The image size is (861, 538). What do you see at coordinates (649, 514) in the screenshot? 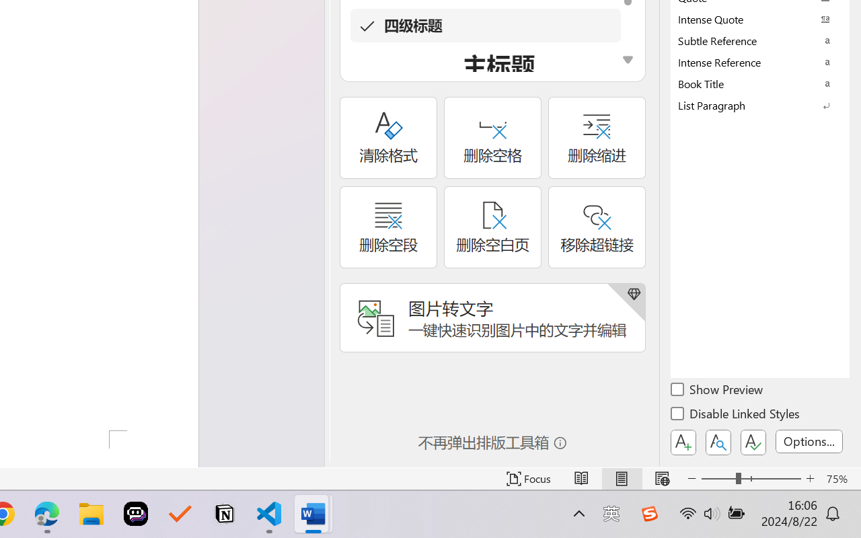
I see `'Class: Image'` at bounding box center [649, 514].